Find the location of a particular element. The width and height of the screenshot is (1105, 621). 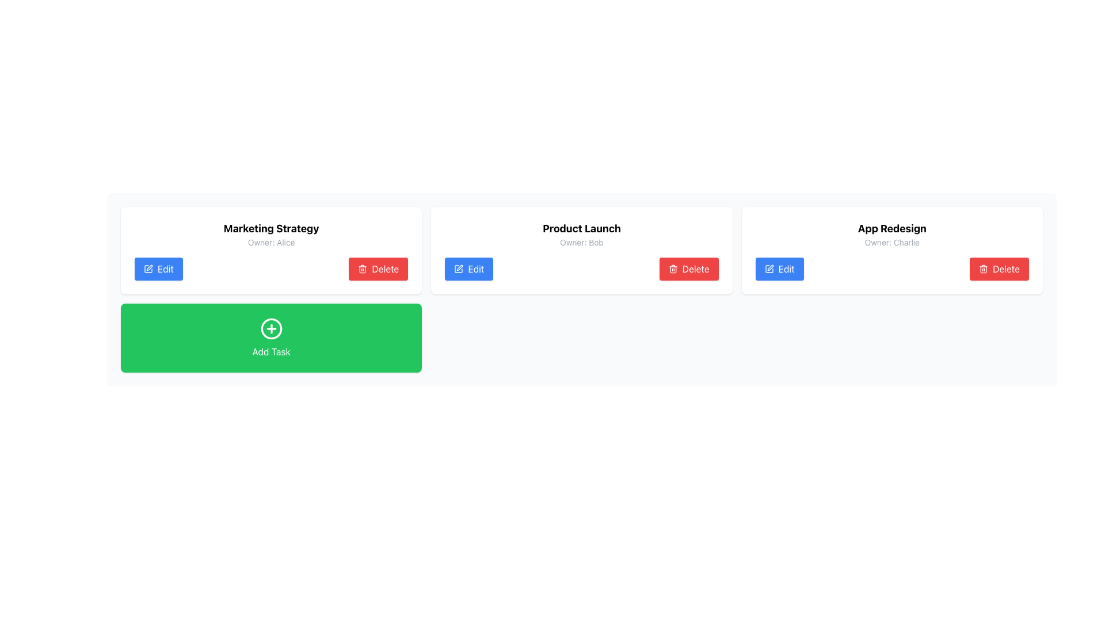

the delete button located to the right of the 'Edit' button in the 'App Redesign' task card is located at coordinates (999, 269).